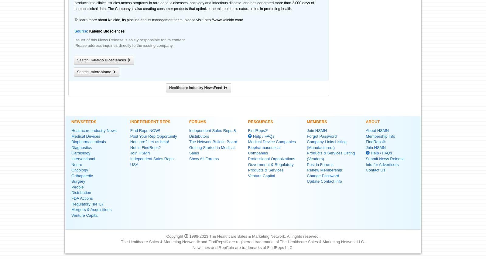  What do you see at coordinates (77, 164) in the screenshot?
I see `'Neuro'` at bounding box center [77, 164].